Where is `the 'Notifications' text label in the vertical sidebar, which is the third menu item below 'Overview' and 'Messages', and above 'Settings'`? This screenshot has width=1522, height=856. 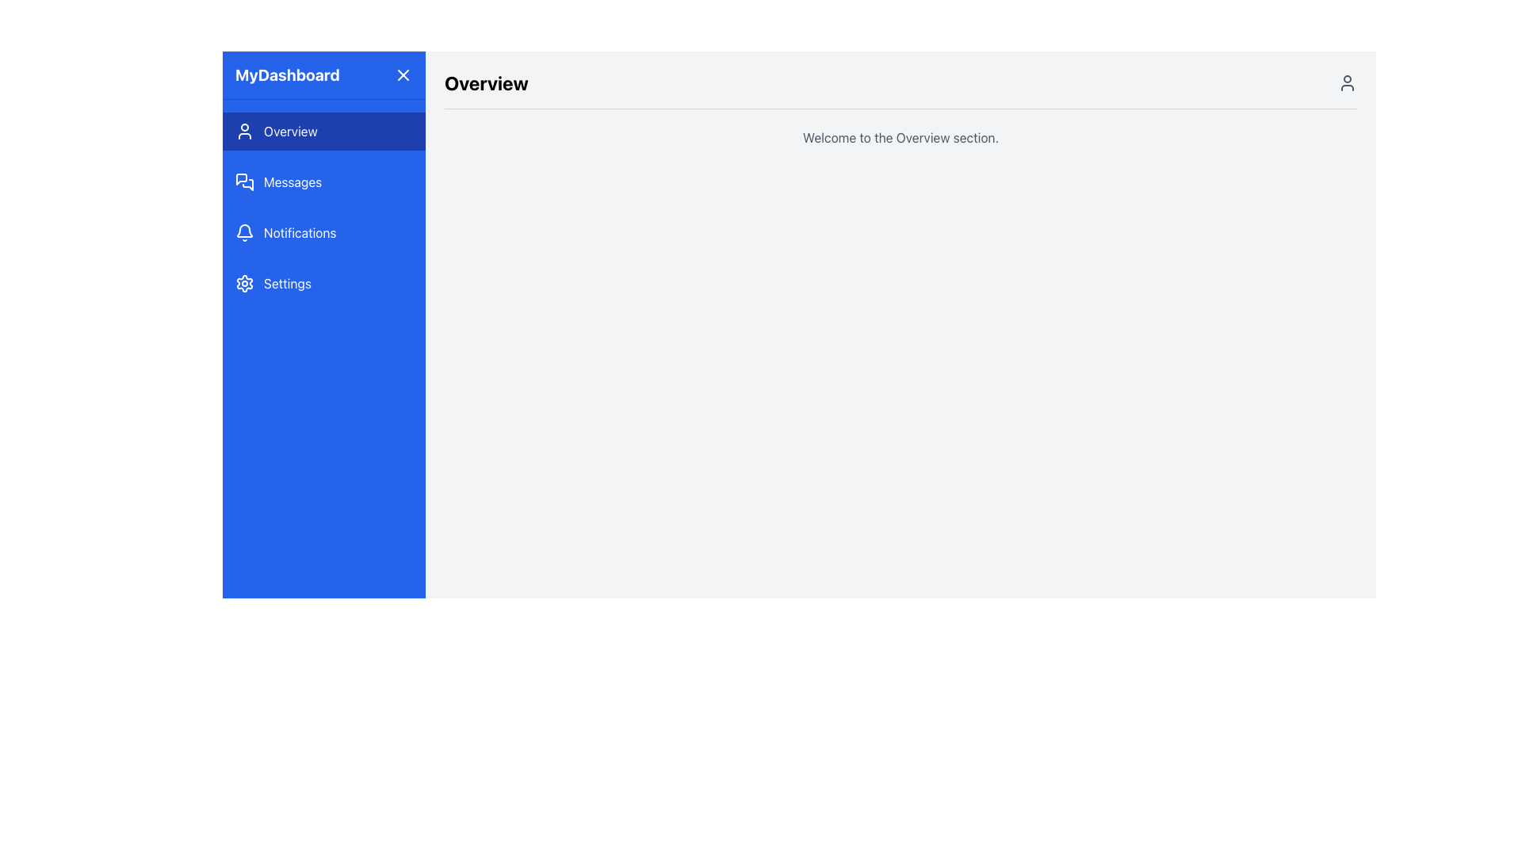
the 'Notifications' text label in the vertical sidebar, which is the third menu item below 'Overview' and 'Messages', and above 'Settings' is located at coordinates (300, 232).